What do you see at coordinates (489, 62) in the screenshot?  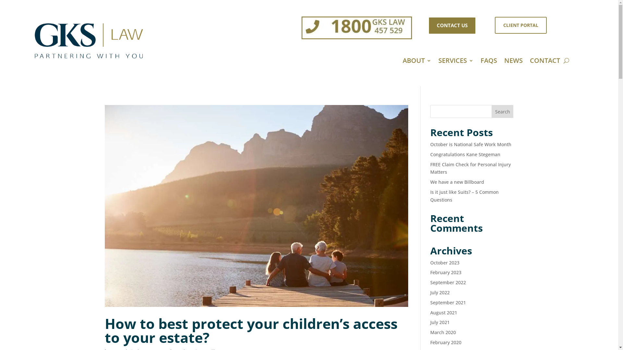 I see `'FAQS'` at bounding box center [489, 62].